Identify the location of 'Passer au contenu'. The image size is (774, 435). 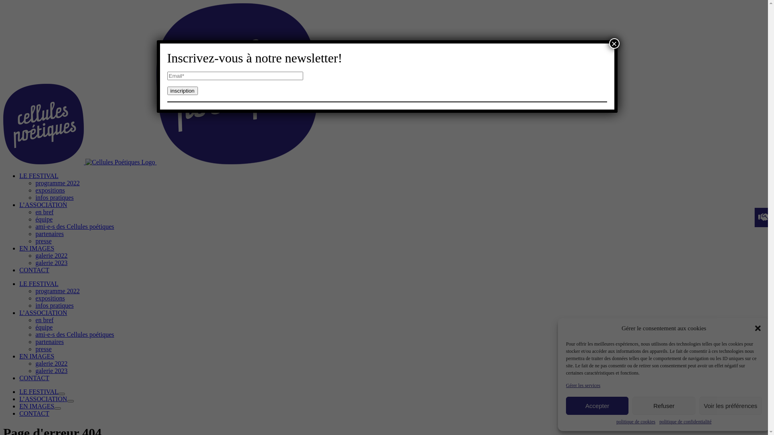
(6, 3).